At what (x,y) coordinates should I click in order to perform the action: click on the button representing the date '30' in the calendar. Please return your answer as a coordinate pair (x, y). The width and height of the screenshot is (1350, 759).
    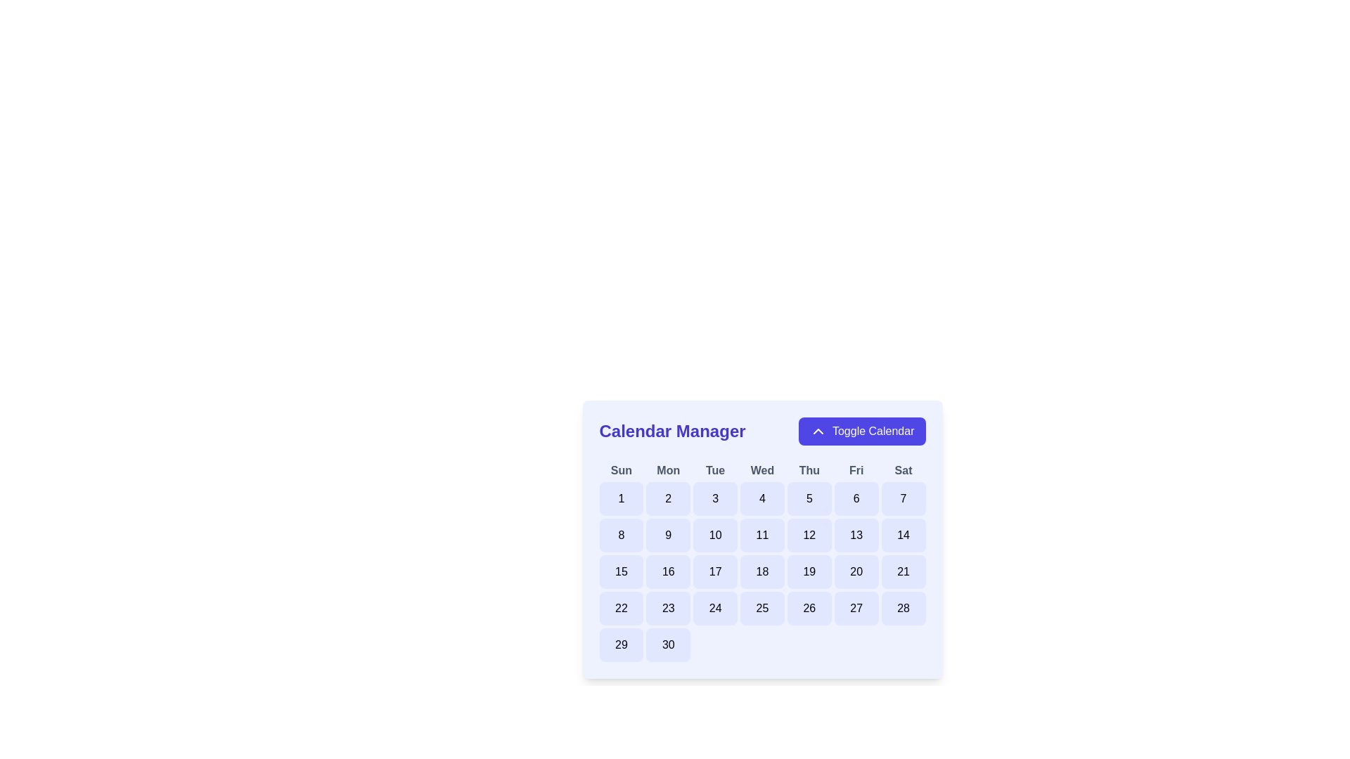
    Looking at the image, I should click on (667, 645).